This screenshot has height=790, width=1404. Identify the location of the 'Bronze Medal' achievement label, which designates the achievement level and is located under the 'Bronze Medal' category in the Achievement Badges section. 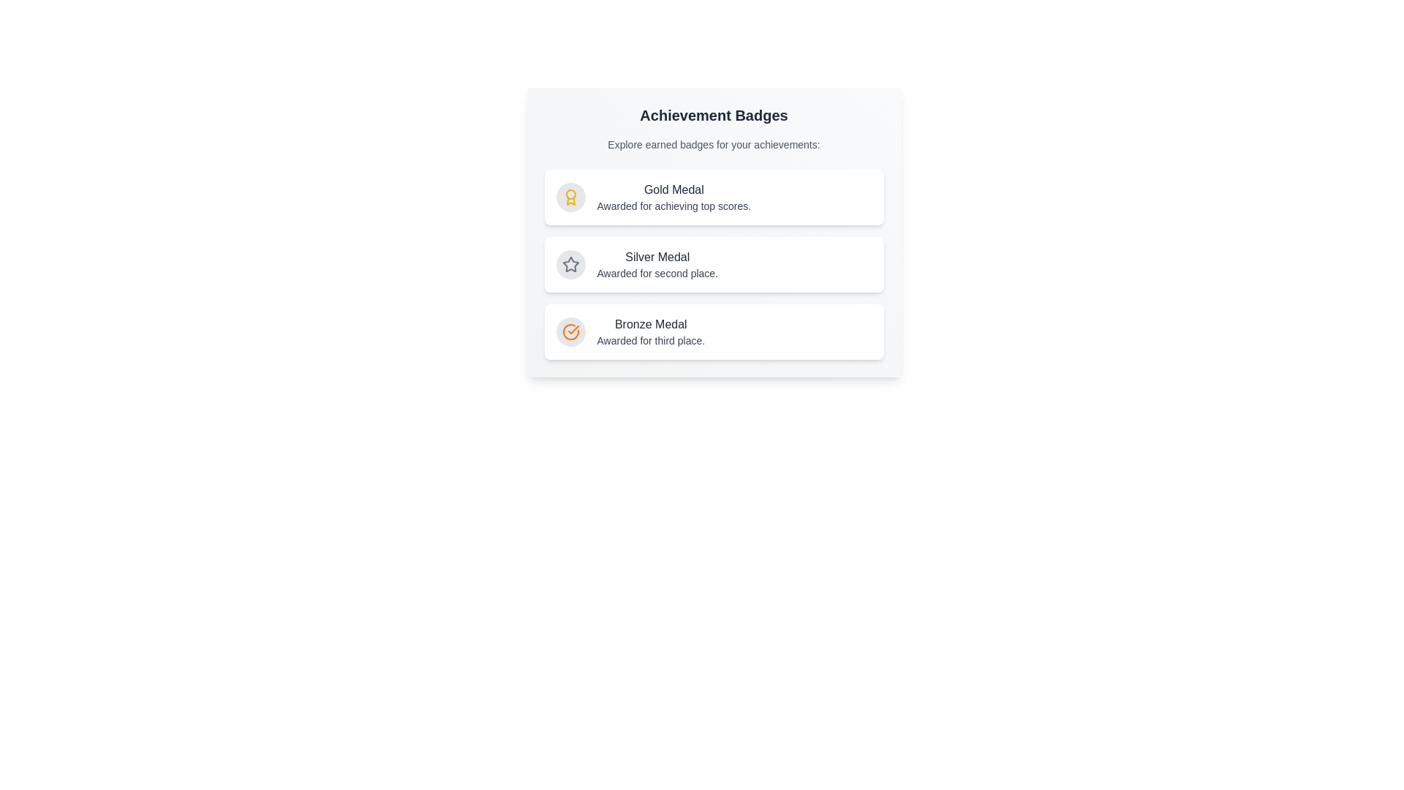
(650, 323).